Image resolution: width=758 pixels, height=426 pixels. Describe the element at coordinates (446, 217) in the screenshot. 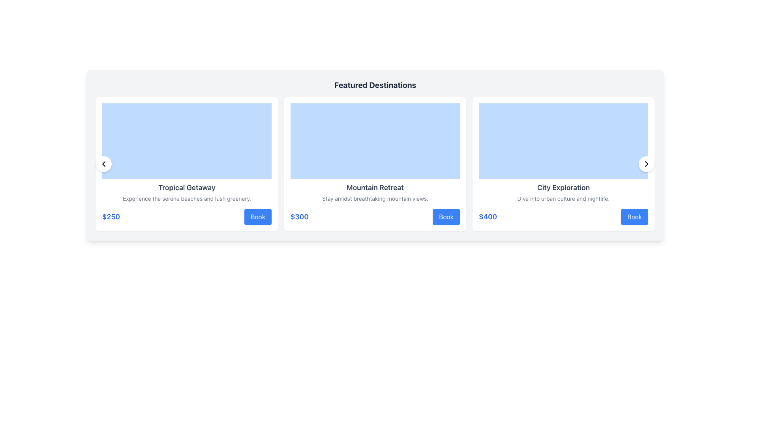

I see `the 'Book' button with a blue background and white text located at the bottom-right corner of the 'Mountain Retreat' card` at that location.